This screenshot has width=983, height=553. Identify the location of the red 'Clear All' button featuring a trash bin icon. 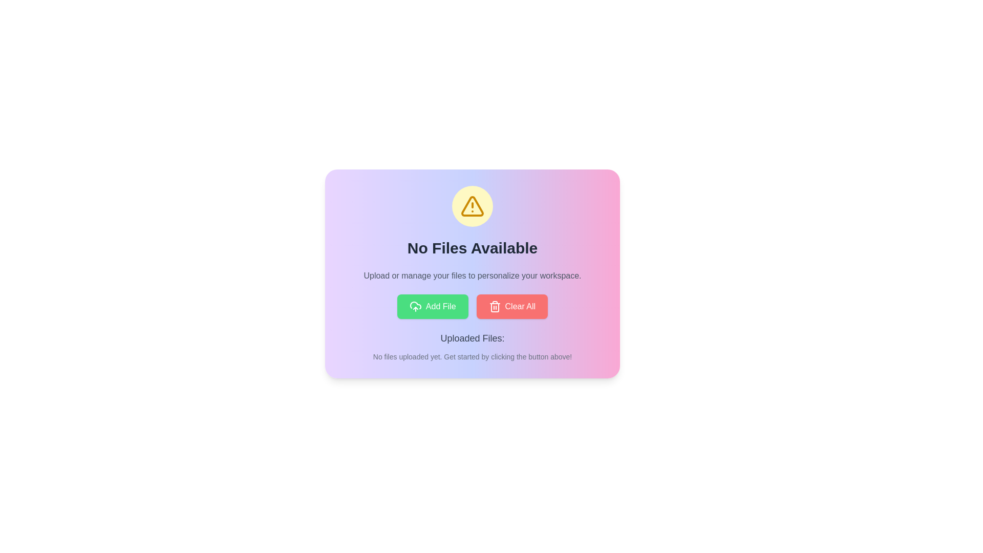
(511, 306).